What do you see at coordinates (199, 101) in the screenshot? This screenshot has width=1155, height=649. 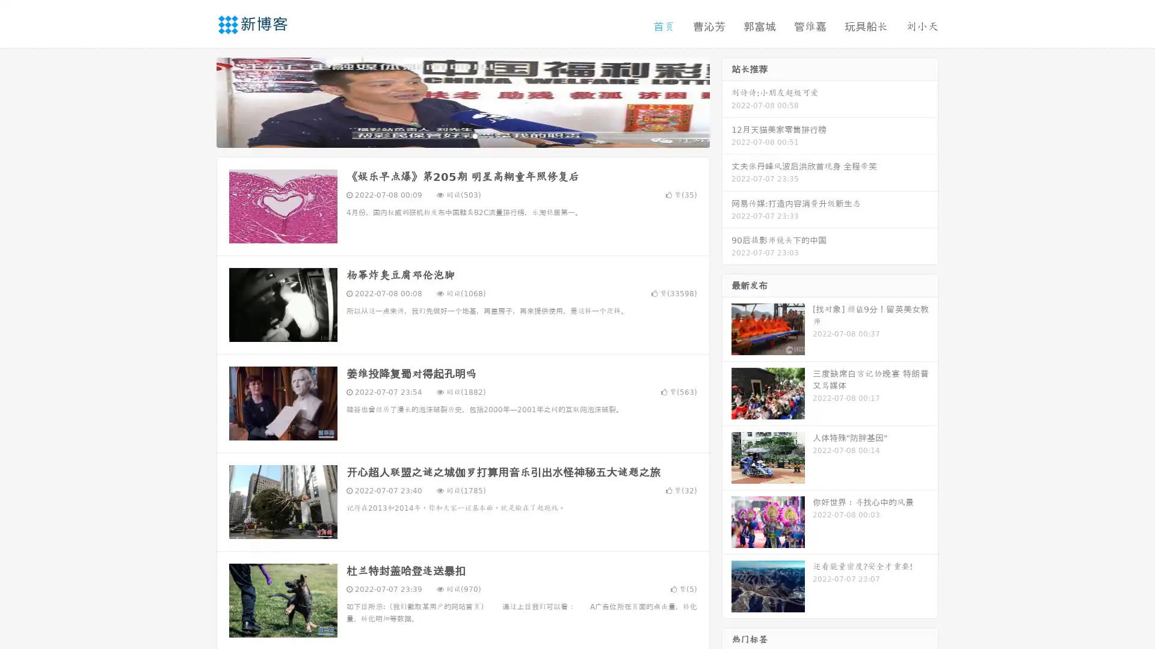 I see `Previous slide` at bounding box center [199, 101].